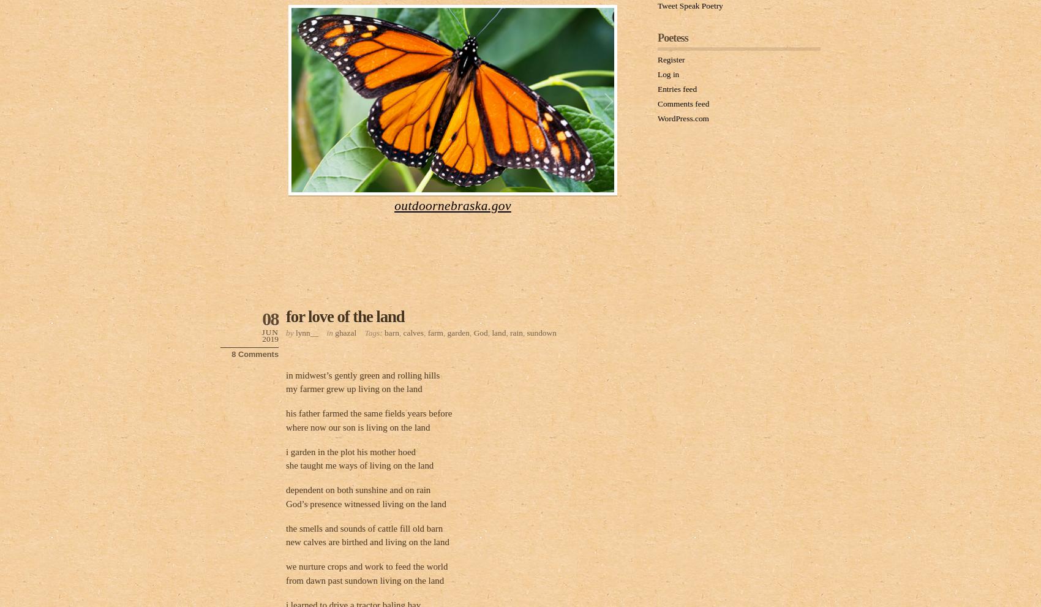 The height and width of the screenshot is (607, 1041). Describe the element at coordinates (357, 490) in the screenshot. I see `'dependent on both sunshine and on rain'` at that location.